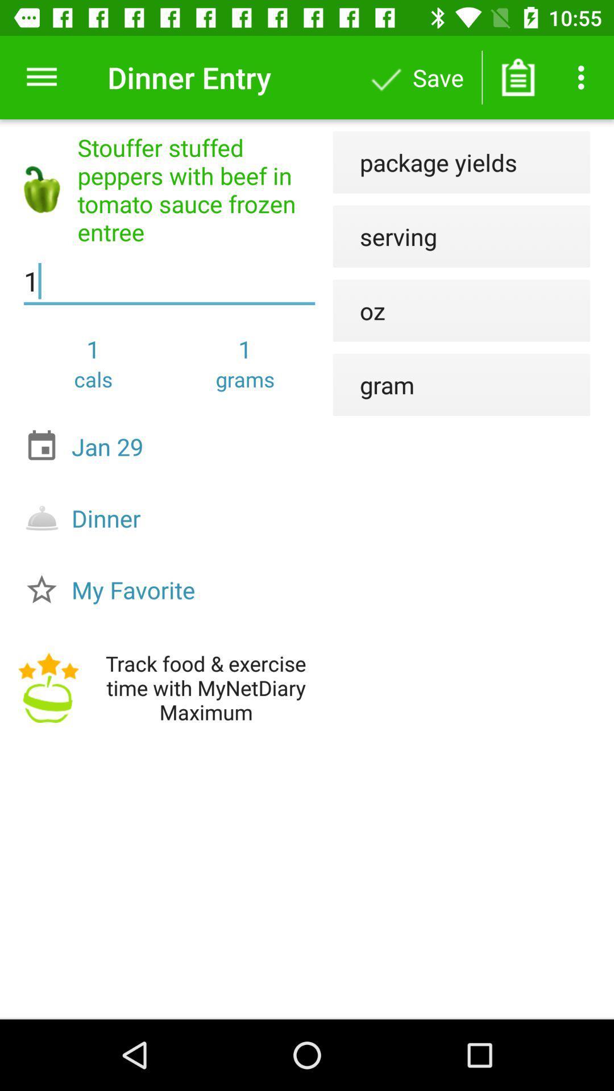 The width and height of the screenshot is (614, 1091). I want to click on the item above   package yields, so click(518, 77).